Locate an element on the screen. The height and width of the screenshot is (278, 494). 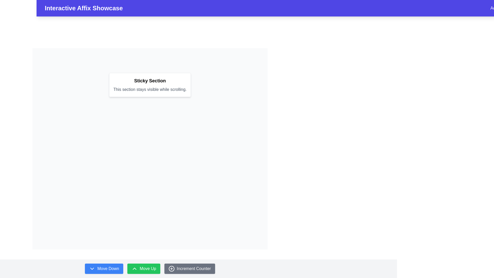
the 'Increment Counter' icon located in the bottom-right corner of the interface is located at coordinates (172, 268).